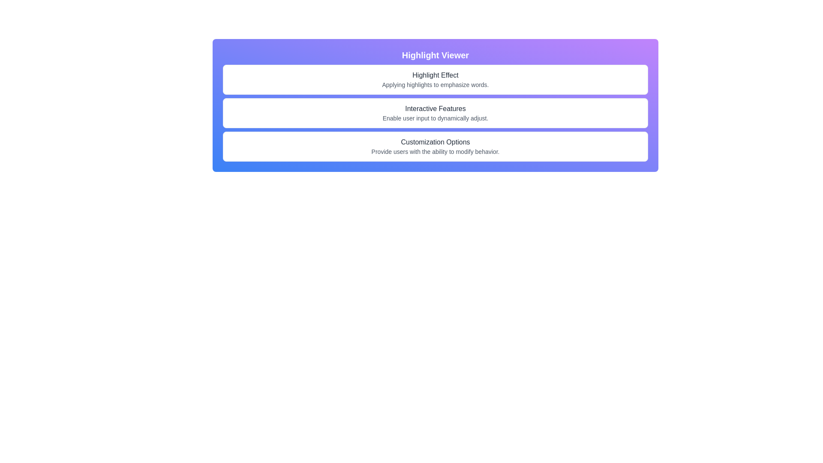 This screenshot has width=823, height=463. I want to click on the 11th character of the text 'Interactive Features' located under the 'Highlight Viewer' header, so click(435, 108).